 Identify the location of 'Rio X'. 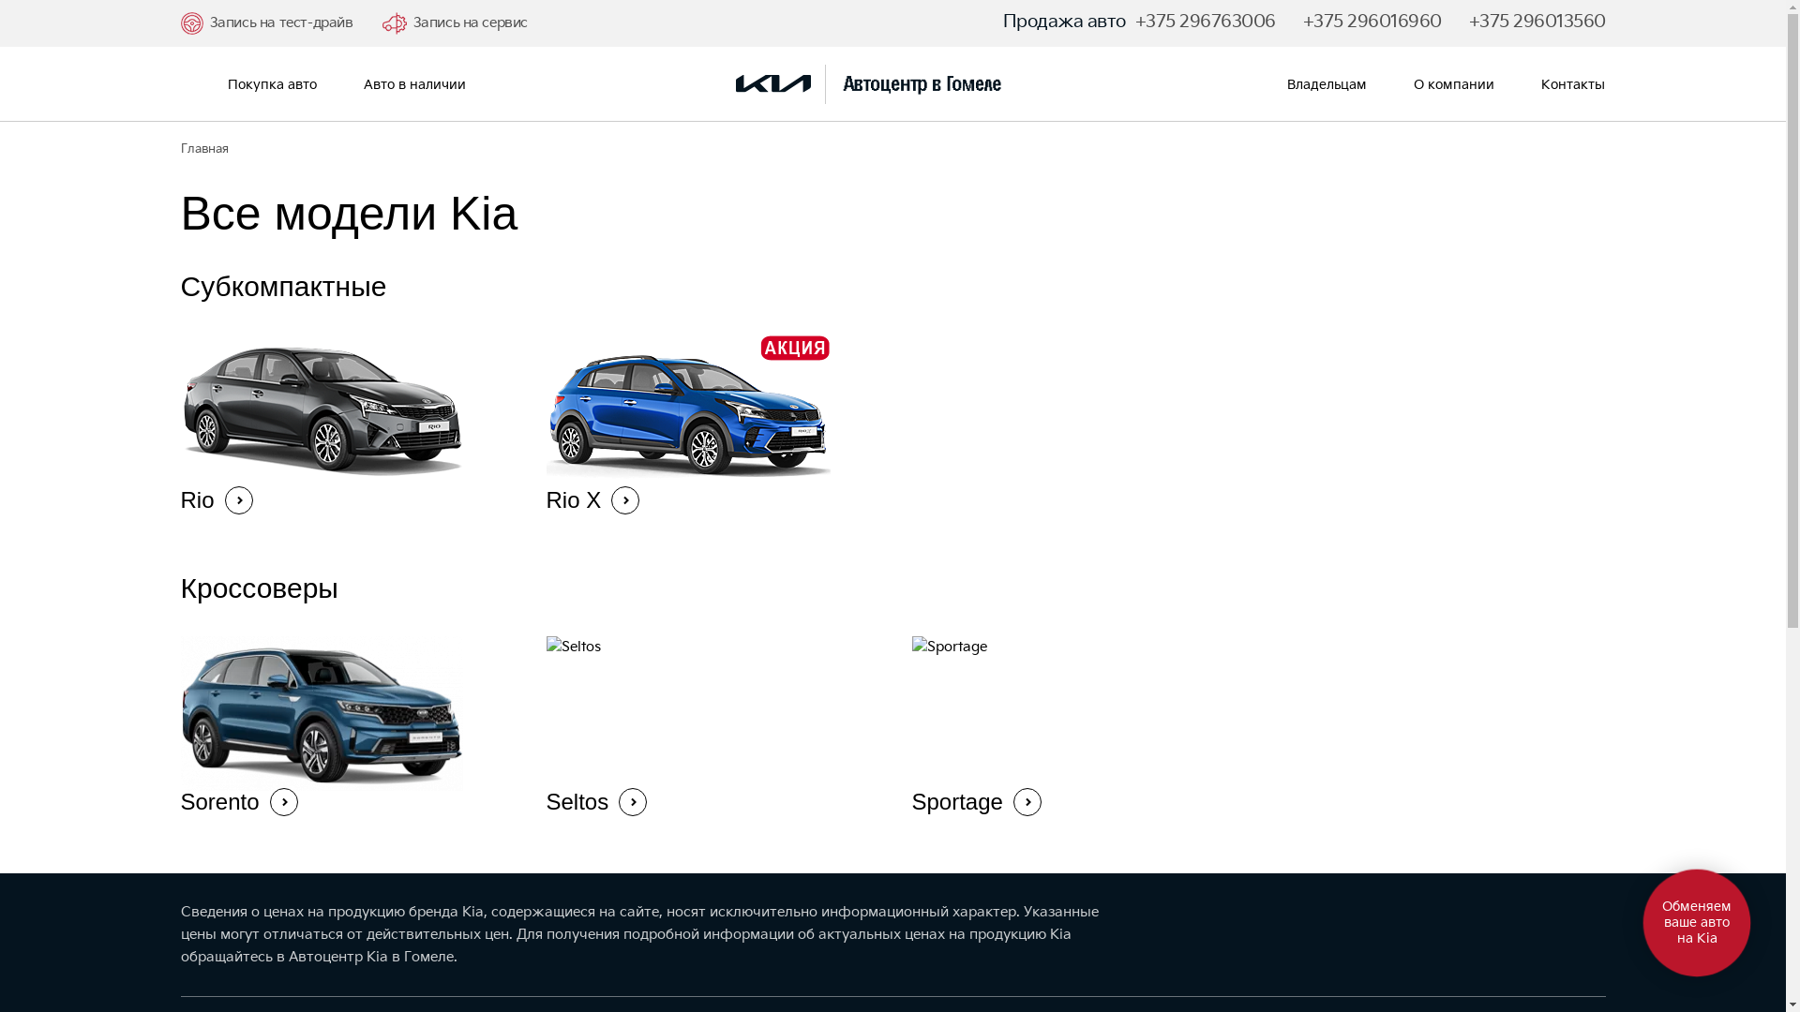
(709, 426).